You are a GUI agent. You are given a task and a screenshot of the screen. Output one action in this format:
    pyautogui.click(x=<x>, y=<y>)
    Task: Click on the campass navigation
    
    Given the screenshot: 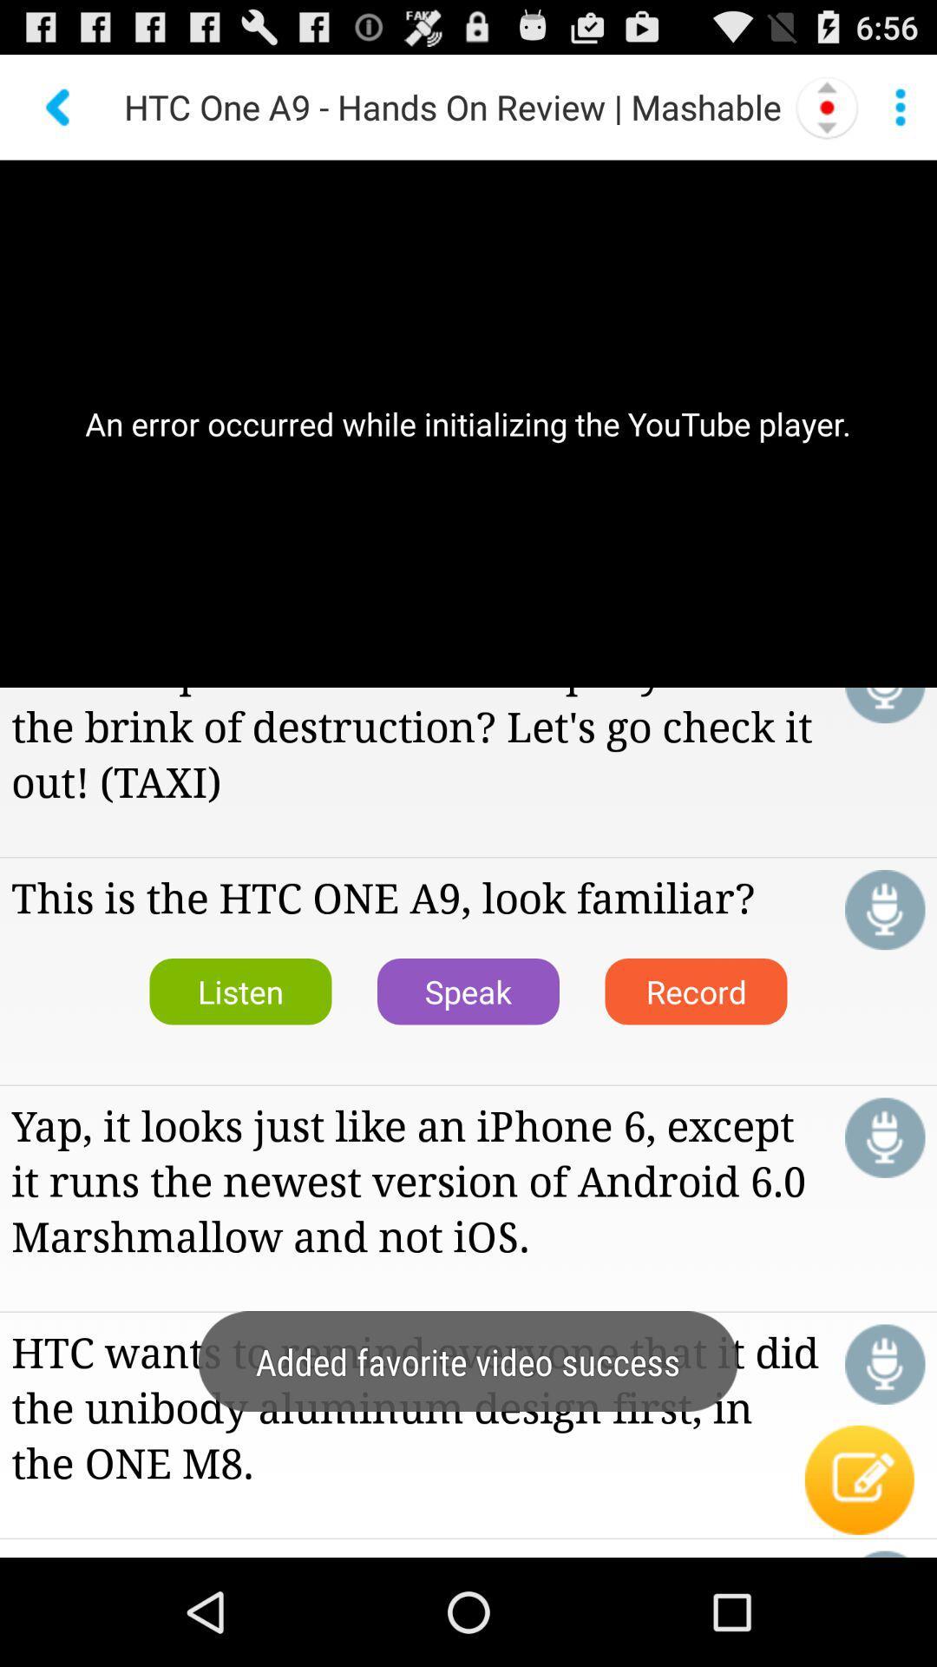 What is the action you would take?
    pyautogui.click(x=826, y=106)
    